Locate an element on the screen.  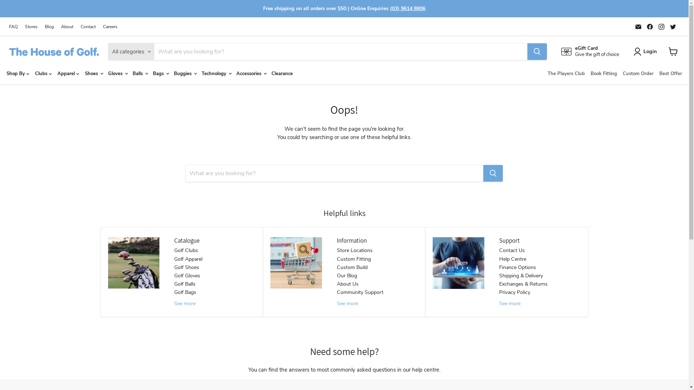
'Help Centre' is located at coordinates (499, 259).